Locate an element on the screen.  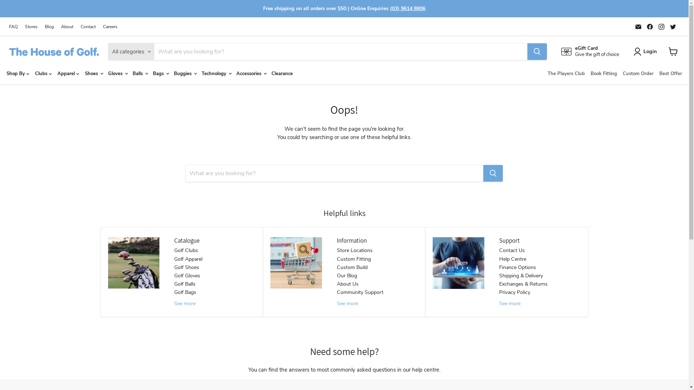
'Help Centre' is located at coordinates (499, 259).